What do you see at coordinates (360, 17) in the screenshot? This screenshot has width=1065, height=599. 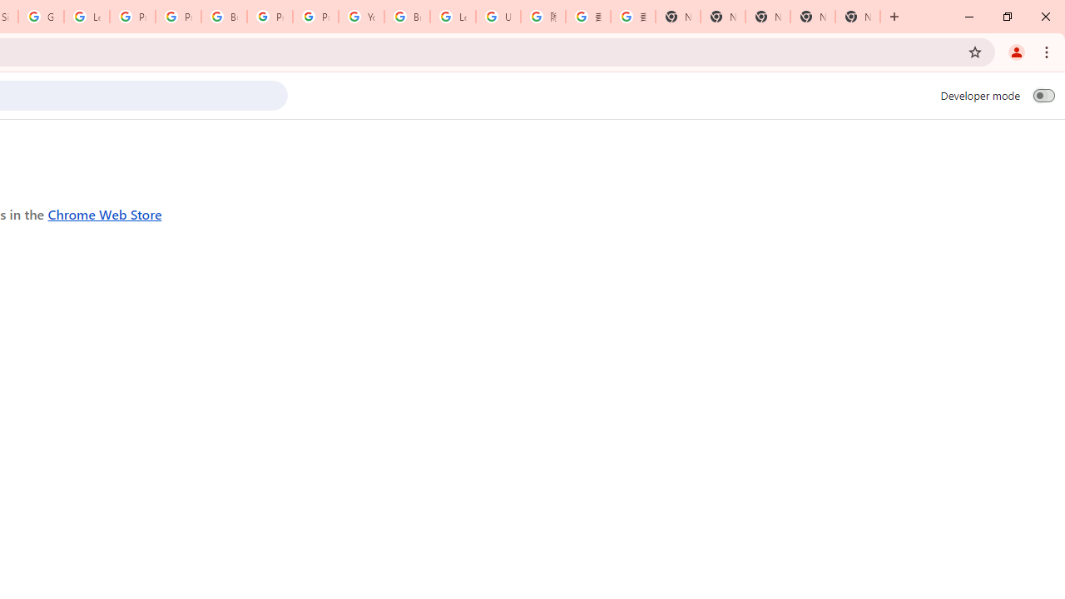 I see `'YouTube'` at bounding box center [360, 17].